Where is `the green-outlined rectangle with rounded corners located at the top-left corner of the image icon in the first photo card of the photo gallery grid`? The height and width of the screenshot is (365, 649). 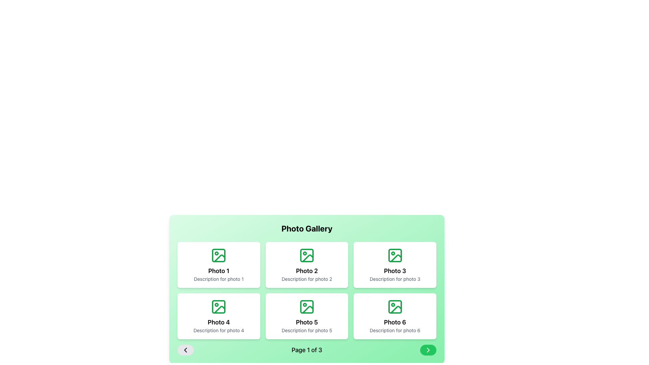 the green-outlined rectangle with rounded corners located at the top-left corner of the image icon in the first photo card of the photo gallery grid is located at coordinates (219, 255).